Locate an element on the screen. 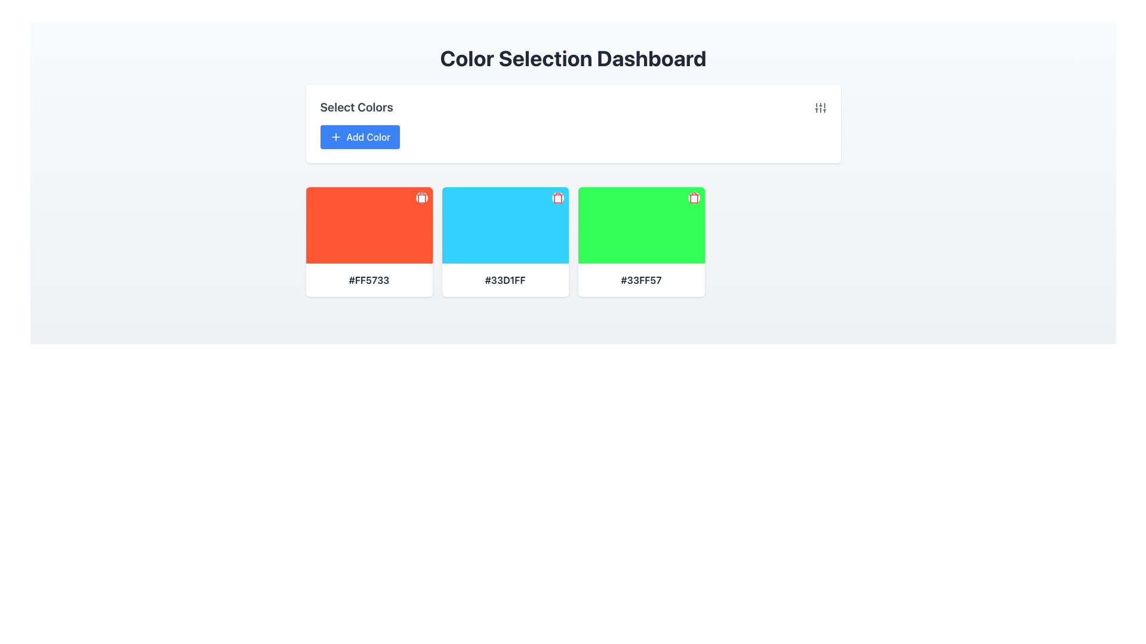 Image resolution: width=1146 pixels, height=644 pixels. the blue 'Add Color' button located near the top left of the 'Select Colors' section is located at coordinates (359, 137).